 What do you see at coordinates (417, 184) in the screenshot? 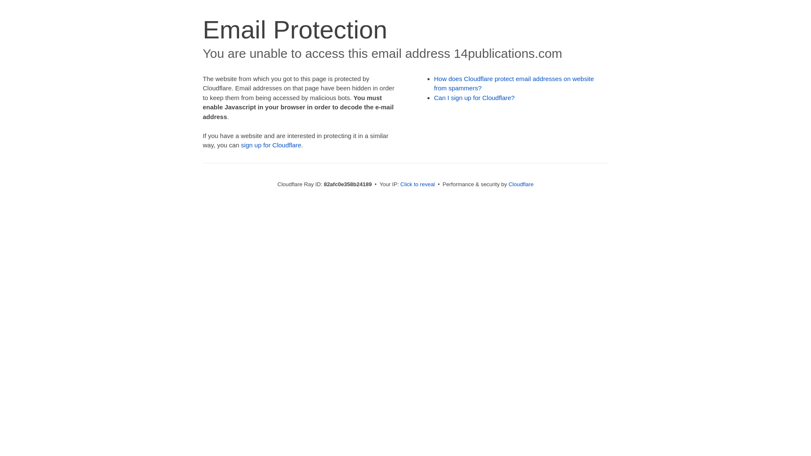
I see `'Click to reveal'` at bounding box center [417, 184].